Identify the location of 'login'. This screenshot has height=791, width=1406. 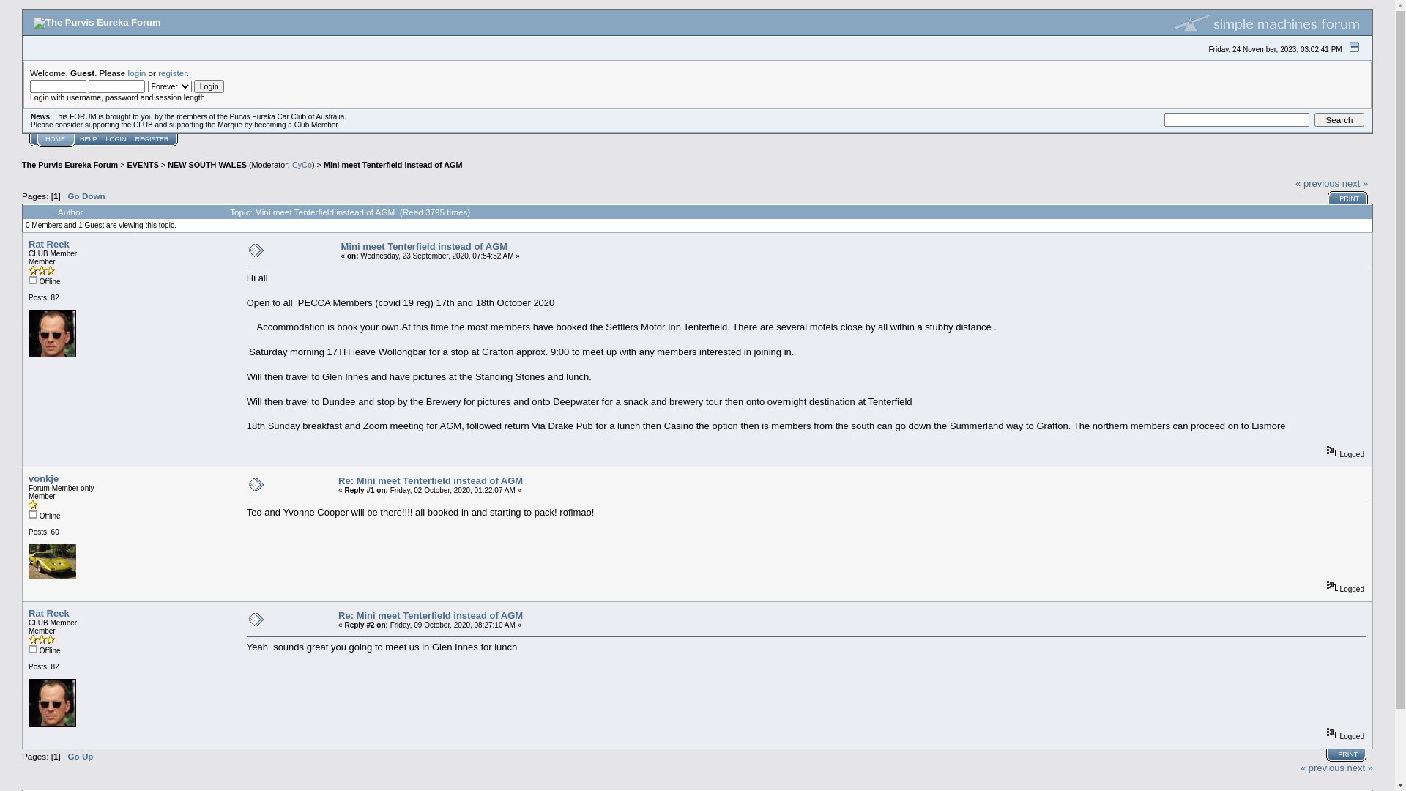
(137, 73).